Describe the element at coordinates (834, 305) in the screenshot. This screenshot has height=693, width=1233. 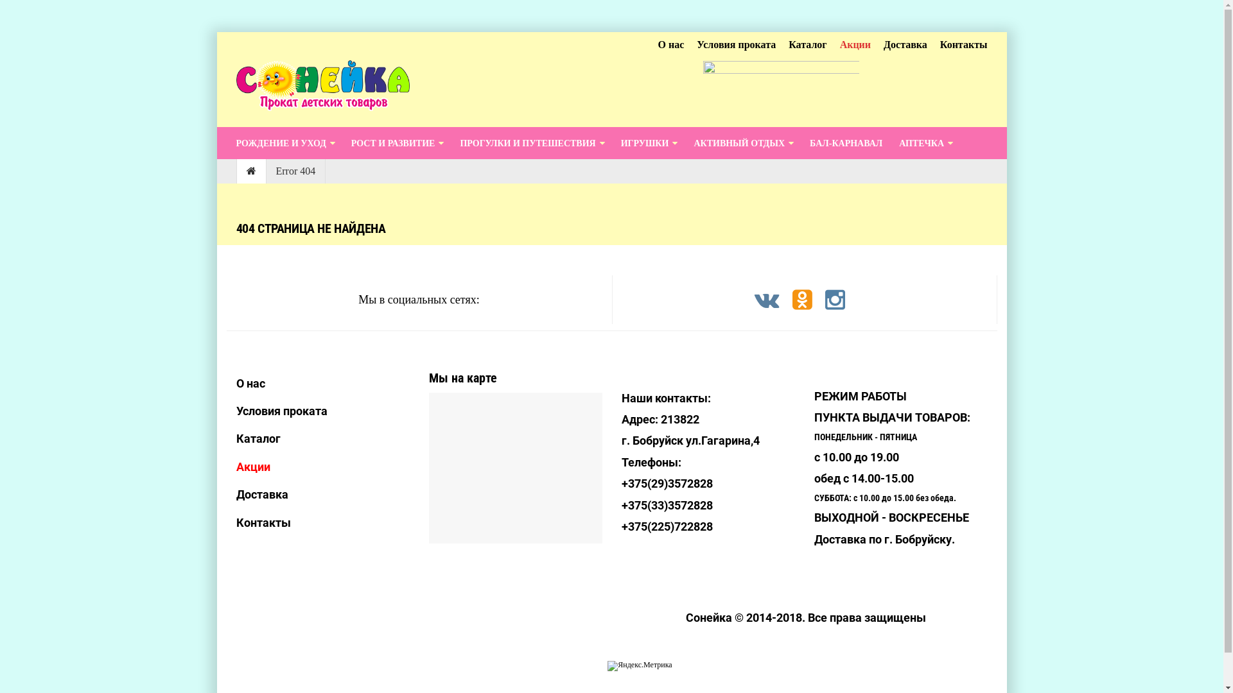
I see `'Instagram'` at that location.